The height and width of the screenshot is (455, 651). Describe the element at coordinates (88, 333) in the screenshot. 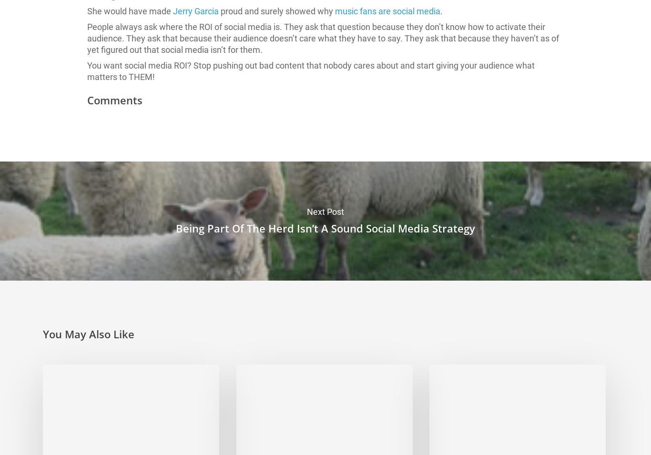

I see `'You May Also Like'` at that location.